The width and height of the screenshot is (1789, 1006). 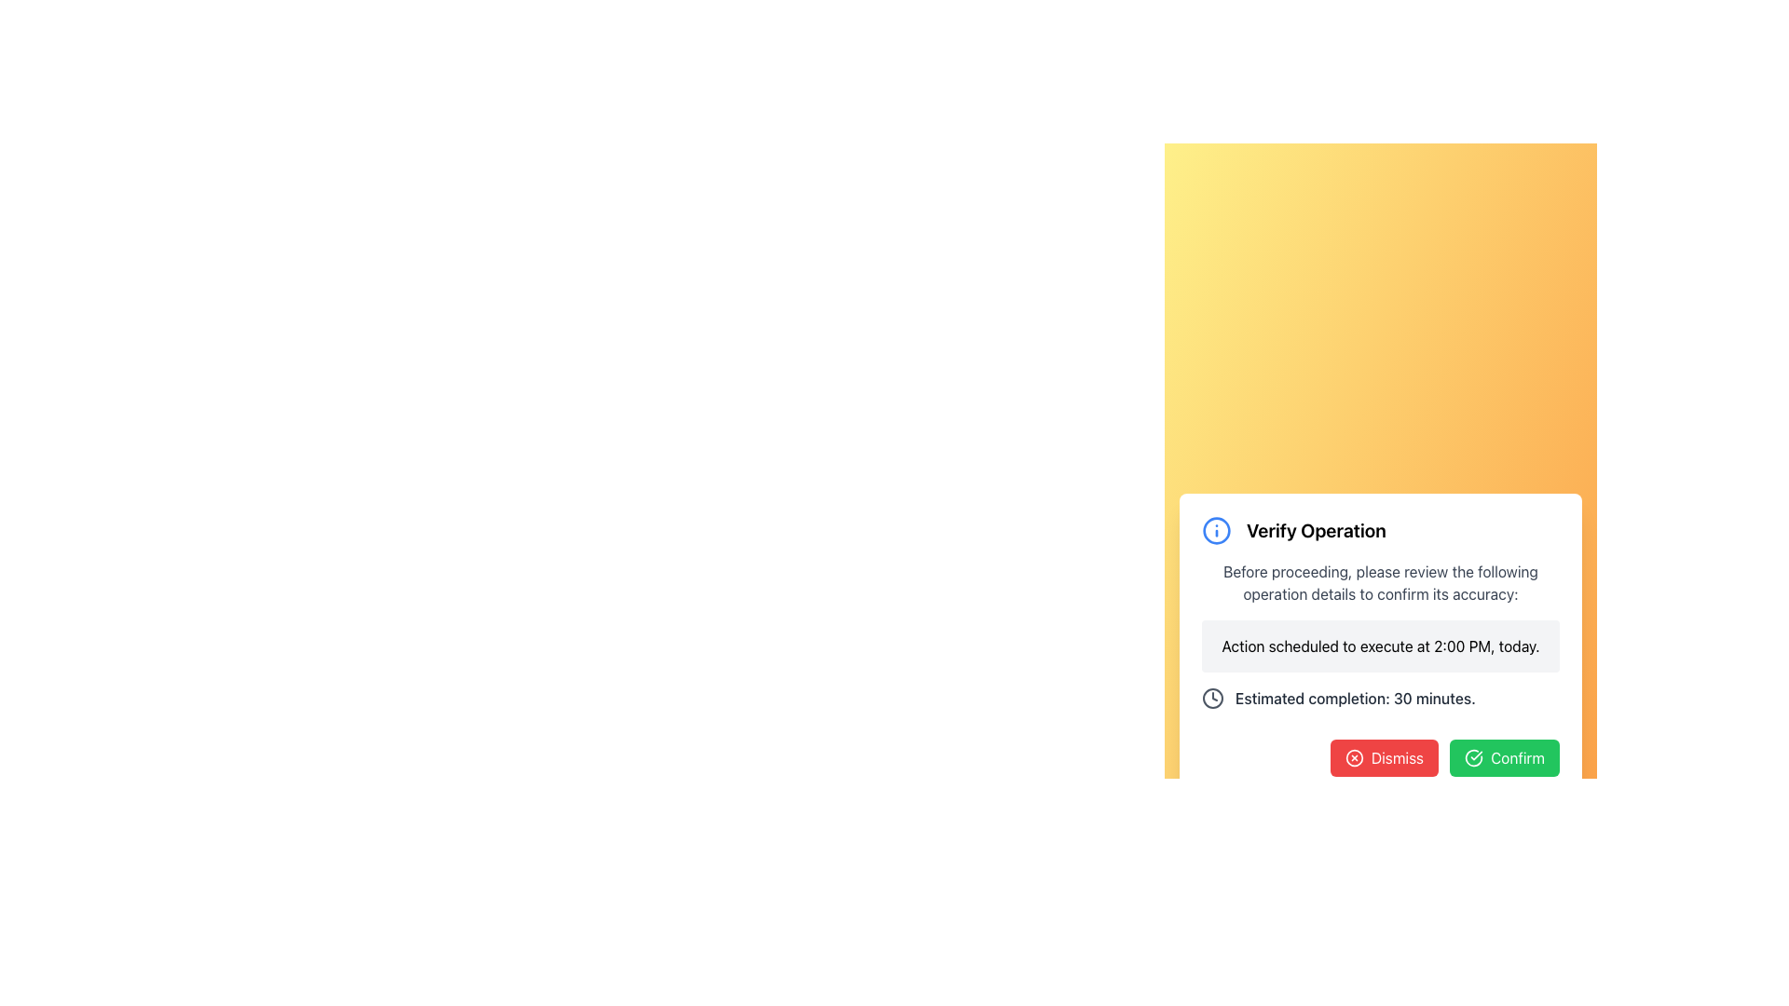 What do you see at coordinates (1473, 757) in the screenshot?
I see `the circular green checkmark icon located to the left of the 'Confirm' text within the confirmation button at the bottom-right of the dialog box` at bounding box center [1473, 757].